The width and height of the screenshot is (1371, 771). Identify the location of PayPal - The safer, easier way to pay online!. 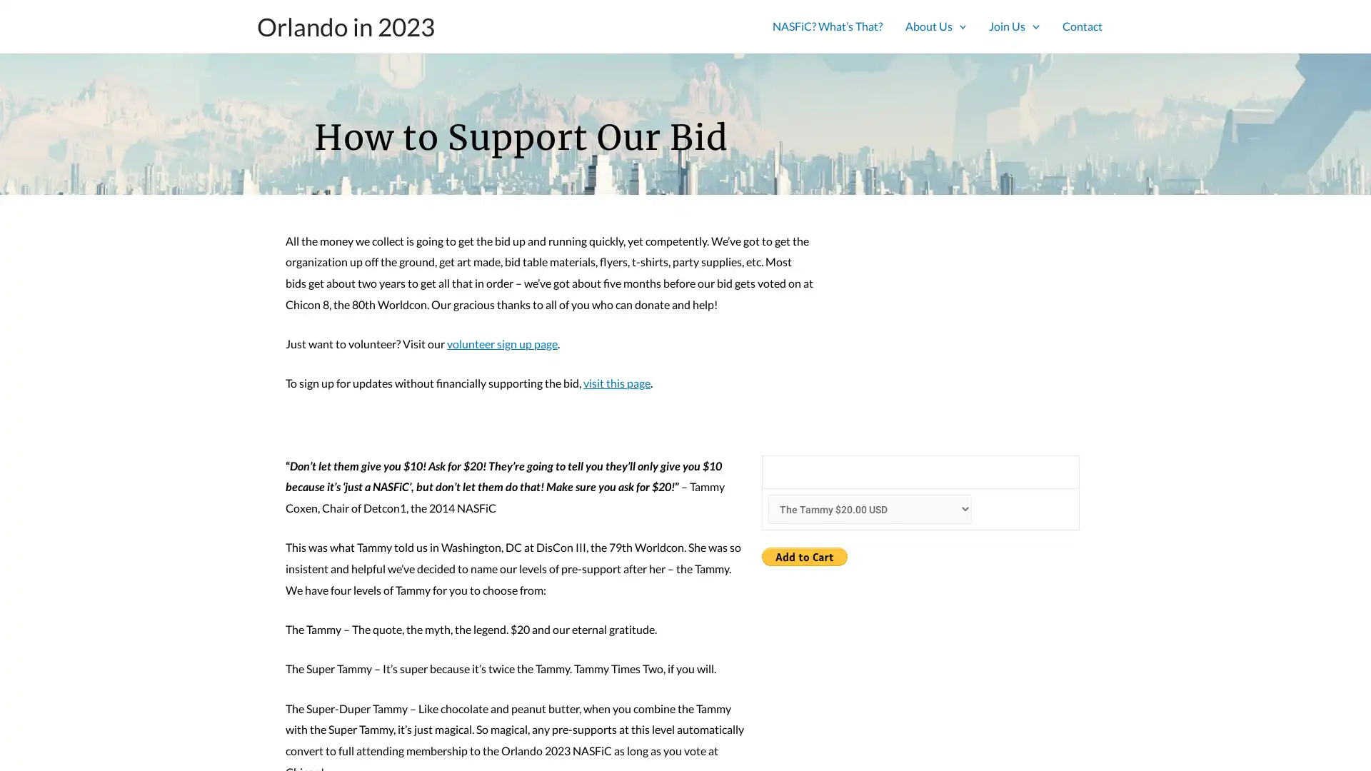
(805, 558).